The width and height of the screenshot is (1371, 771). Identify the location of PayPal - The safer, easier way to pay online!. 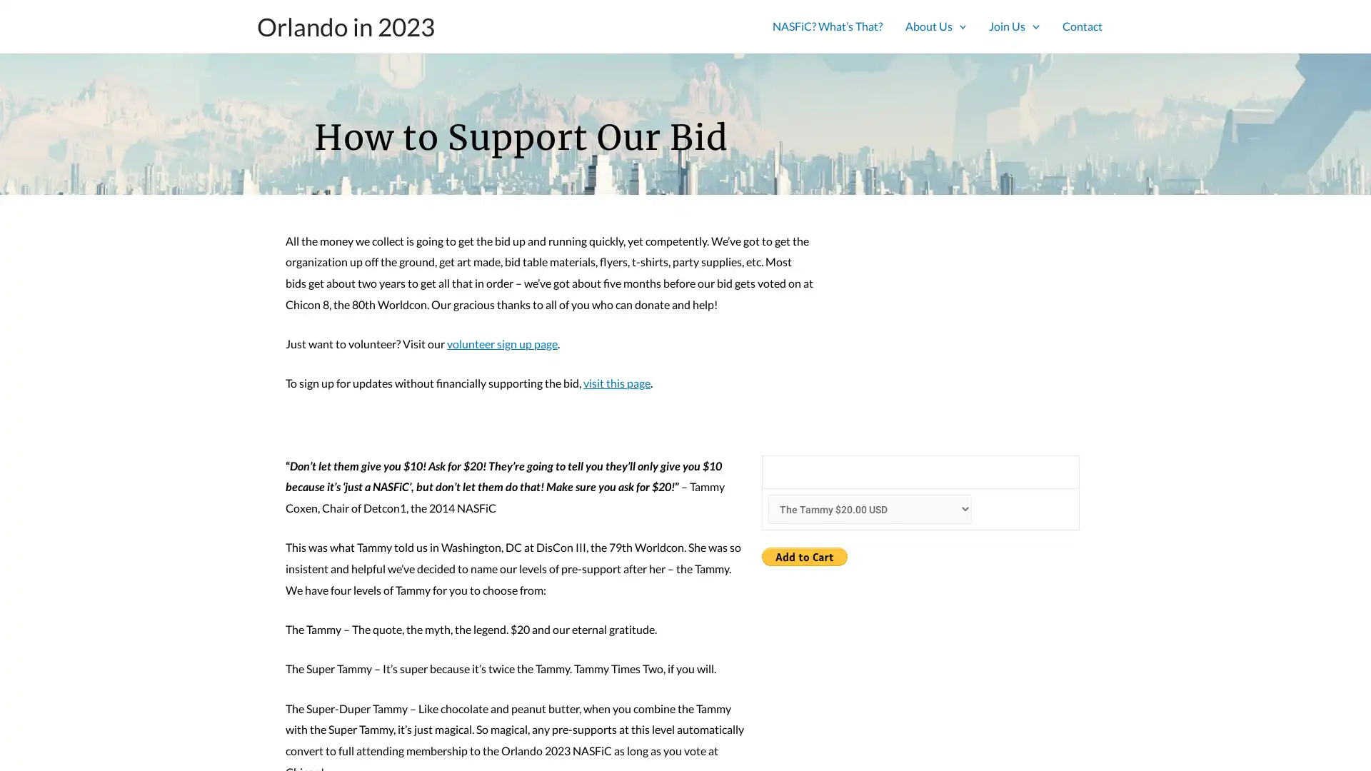
(805, 558).